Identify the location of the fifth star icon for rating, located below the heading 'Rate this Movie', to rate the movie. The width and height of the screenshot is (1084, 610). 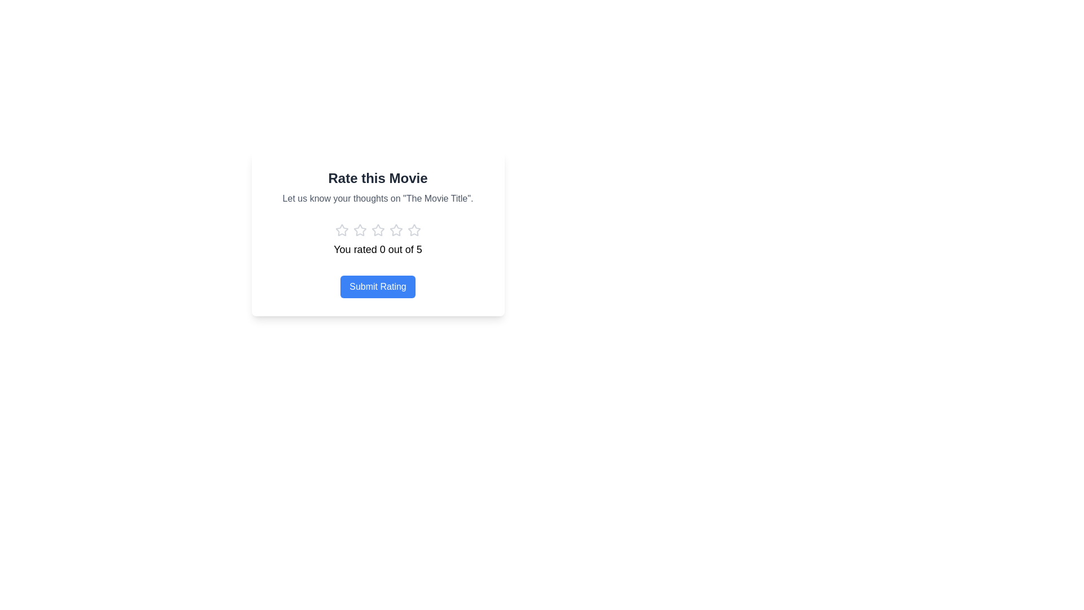
(413, 230).